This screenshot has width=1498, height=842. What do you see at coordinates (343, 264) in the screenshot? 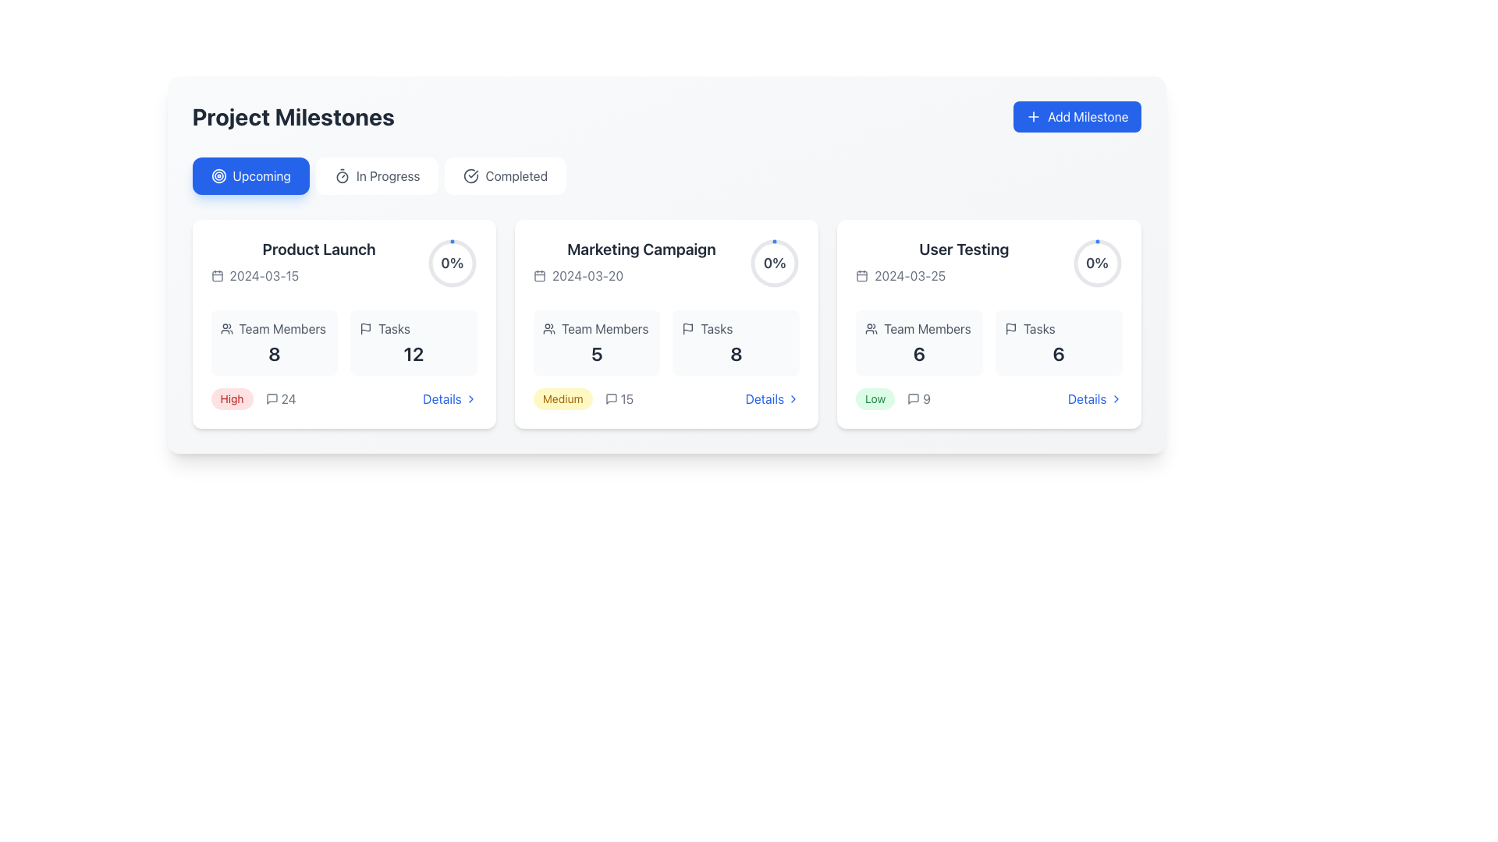
I see `the information card section for 'Product Launch', which contains the title in bold, a date in smaller gray font below it, and a circular indicator showing '0%' progress on the right side` at bounding box center [343, 264].